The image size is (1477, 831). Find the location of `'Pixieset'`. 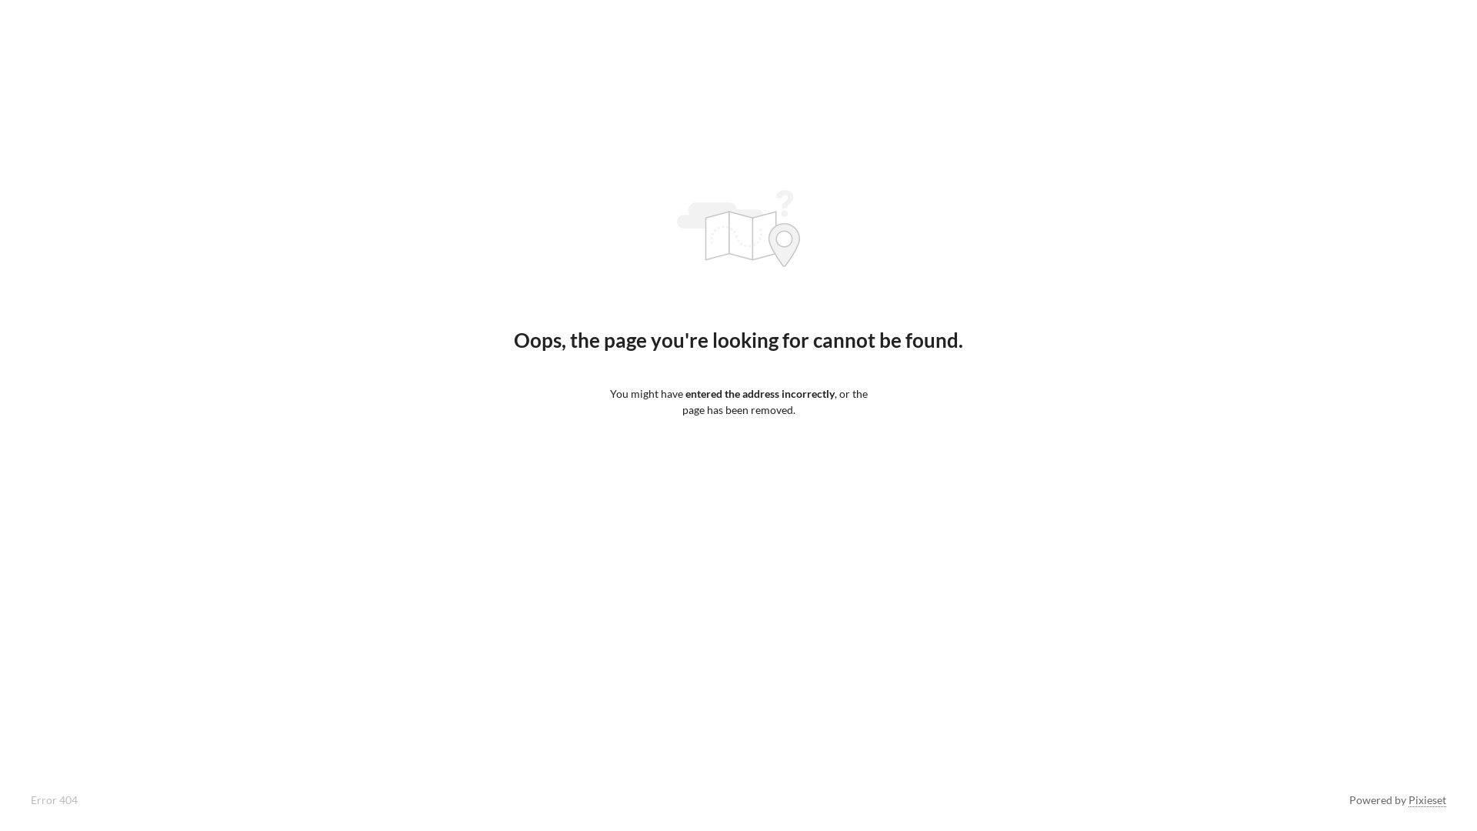

'Pixieset' is located at coordinates (1426, 799).